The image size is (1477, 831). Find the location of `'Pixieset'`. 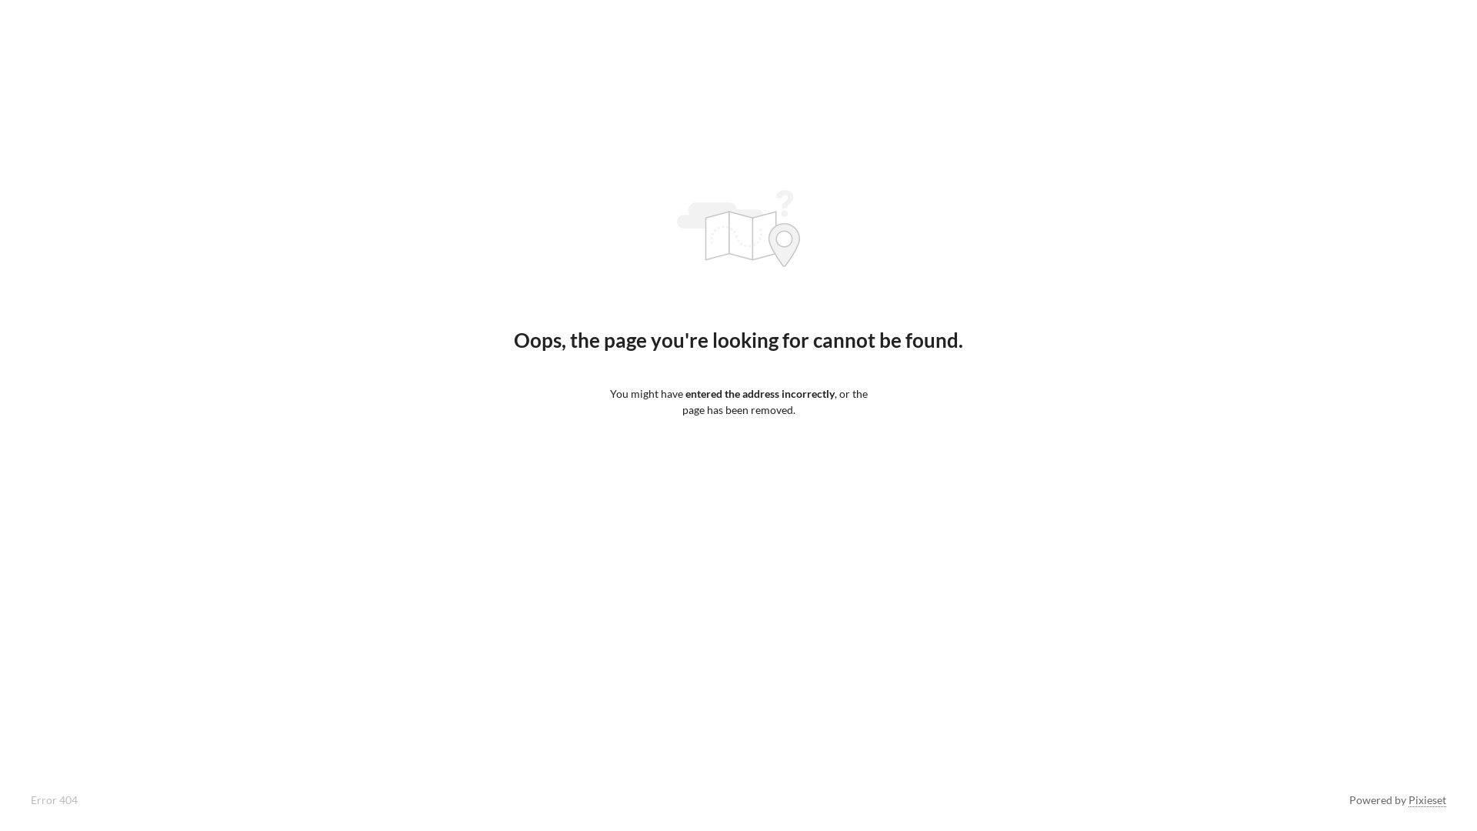

'Pixieset' is located at coordinates (1426, 799).